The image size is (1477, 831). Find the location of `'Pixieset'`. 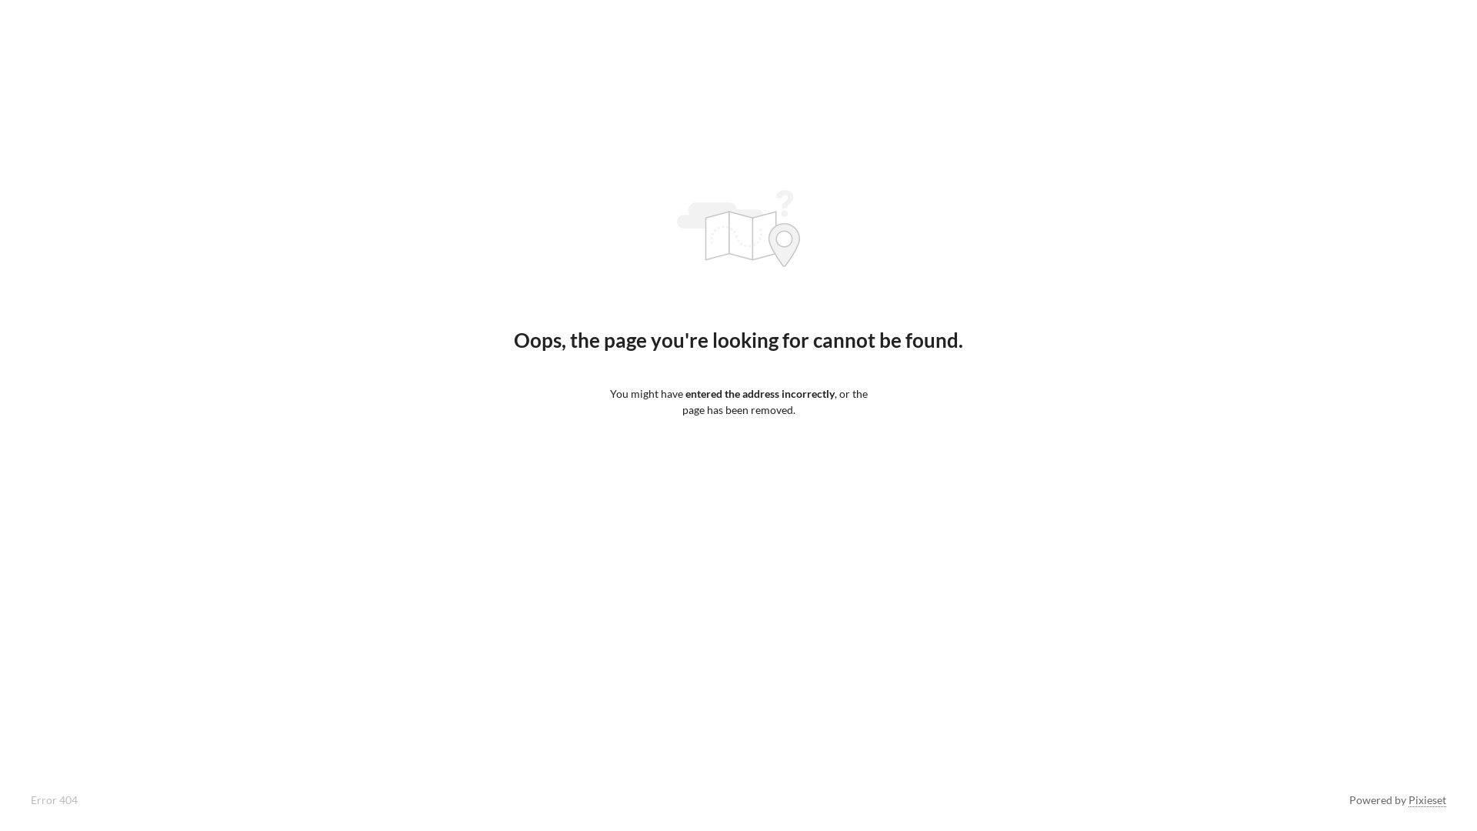

'Pixieset' is located at coordinates (1426, 799).